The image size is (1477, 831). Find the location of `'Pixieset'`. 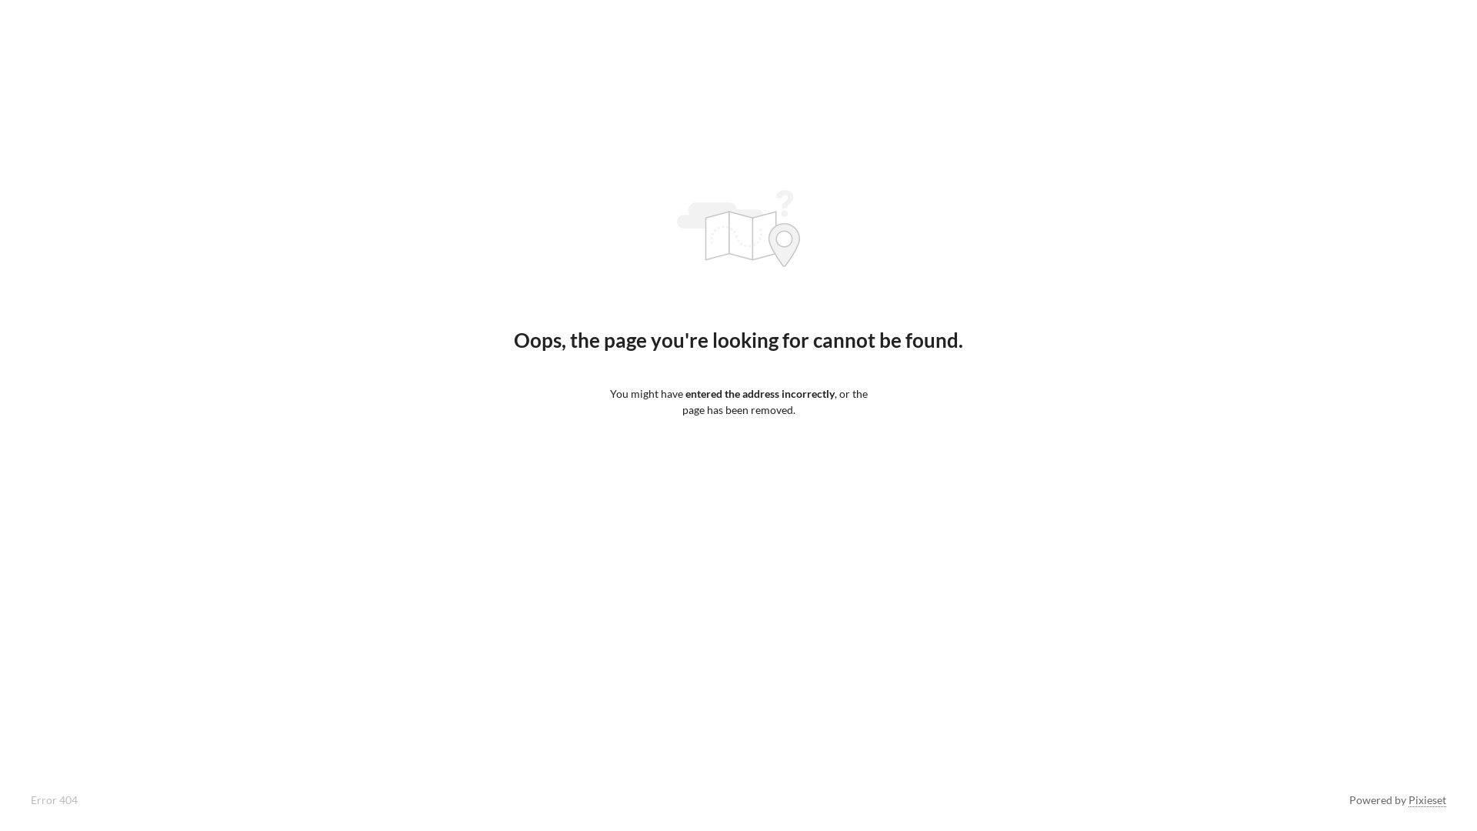

'Pixieset' is located at coordinates (1426, 799).